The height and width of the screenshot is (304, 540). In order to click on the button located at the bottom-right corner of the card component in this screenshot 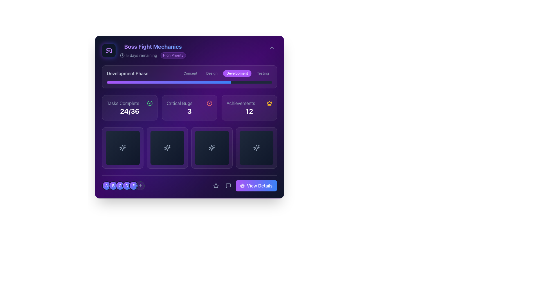, I will do `click(244, 185)`.